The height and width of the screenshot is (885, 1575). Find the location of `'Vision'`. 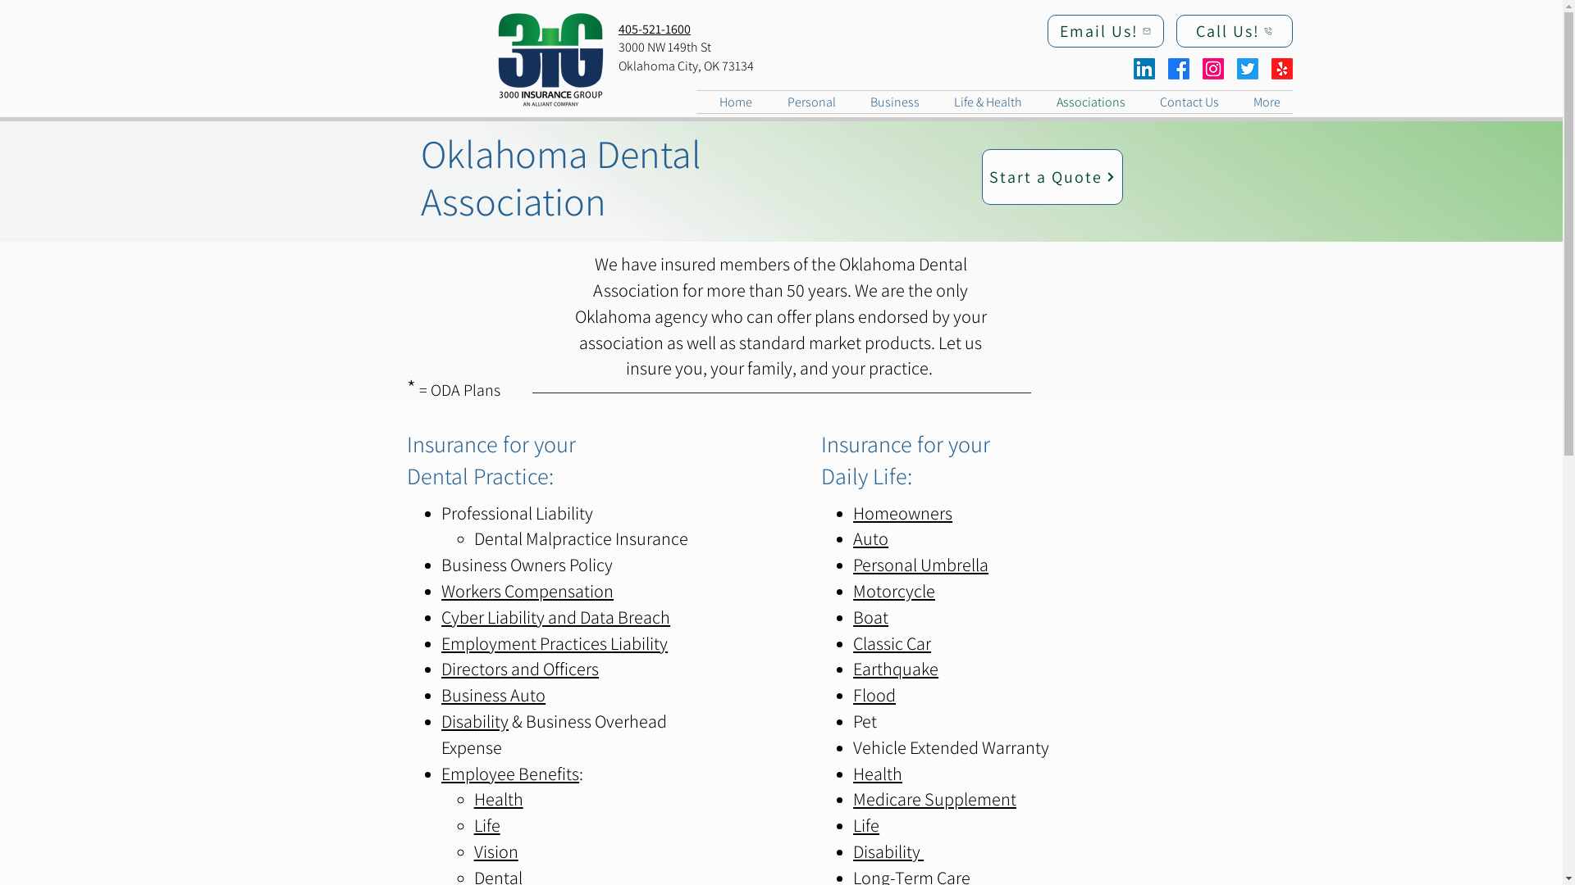

'Vision' is located at coordinates (495, 851).